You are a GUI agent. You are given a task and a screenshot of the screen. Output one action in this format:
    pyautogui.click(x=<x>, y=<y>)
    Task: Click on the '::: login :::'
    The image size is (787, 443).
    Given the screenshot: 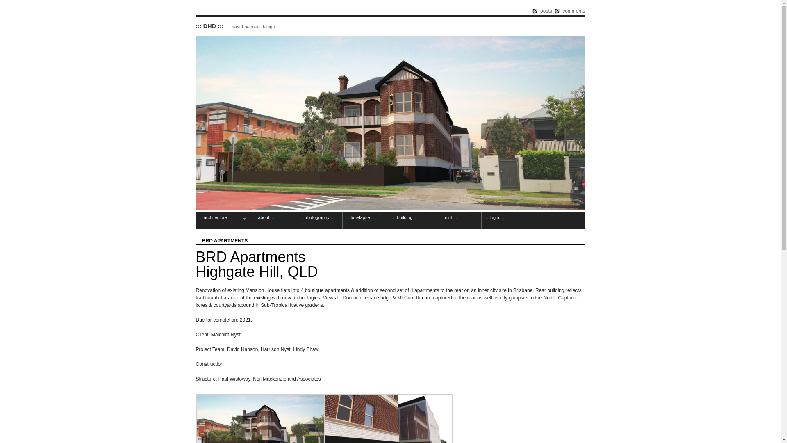 What is the action you would take?
    pyautogui.click(x=504, y=220)
    